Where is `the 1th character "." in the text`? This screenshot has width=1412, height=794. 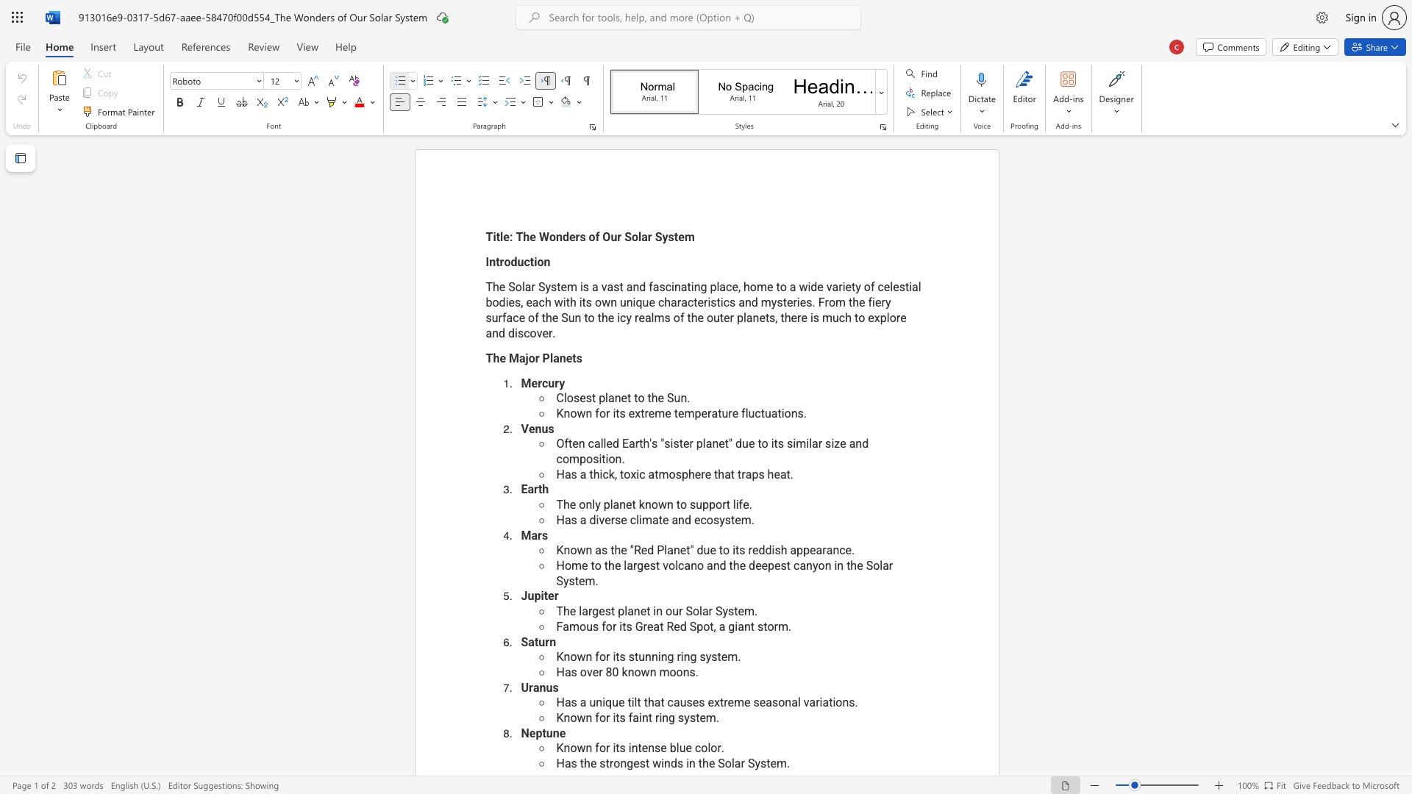
the 1th character "." in the text is located at coordinates (750, 504).